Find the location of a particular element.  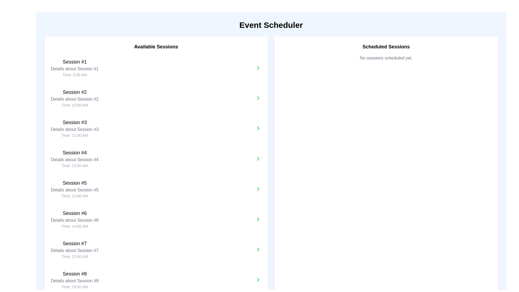

the informational summary text block for 'Session #4' is located at coordinates (74, 158).